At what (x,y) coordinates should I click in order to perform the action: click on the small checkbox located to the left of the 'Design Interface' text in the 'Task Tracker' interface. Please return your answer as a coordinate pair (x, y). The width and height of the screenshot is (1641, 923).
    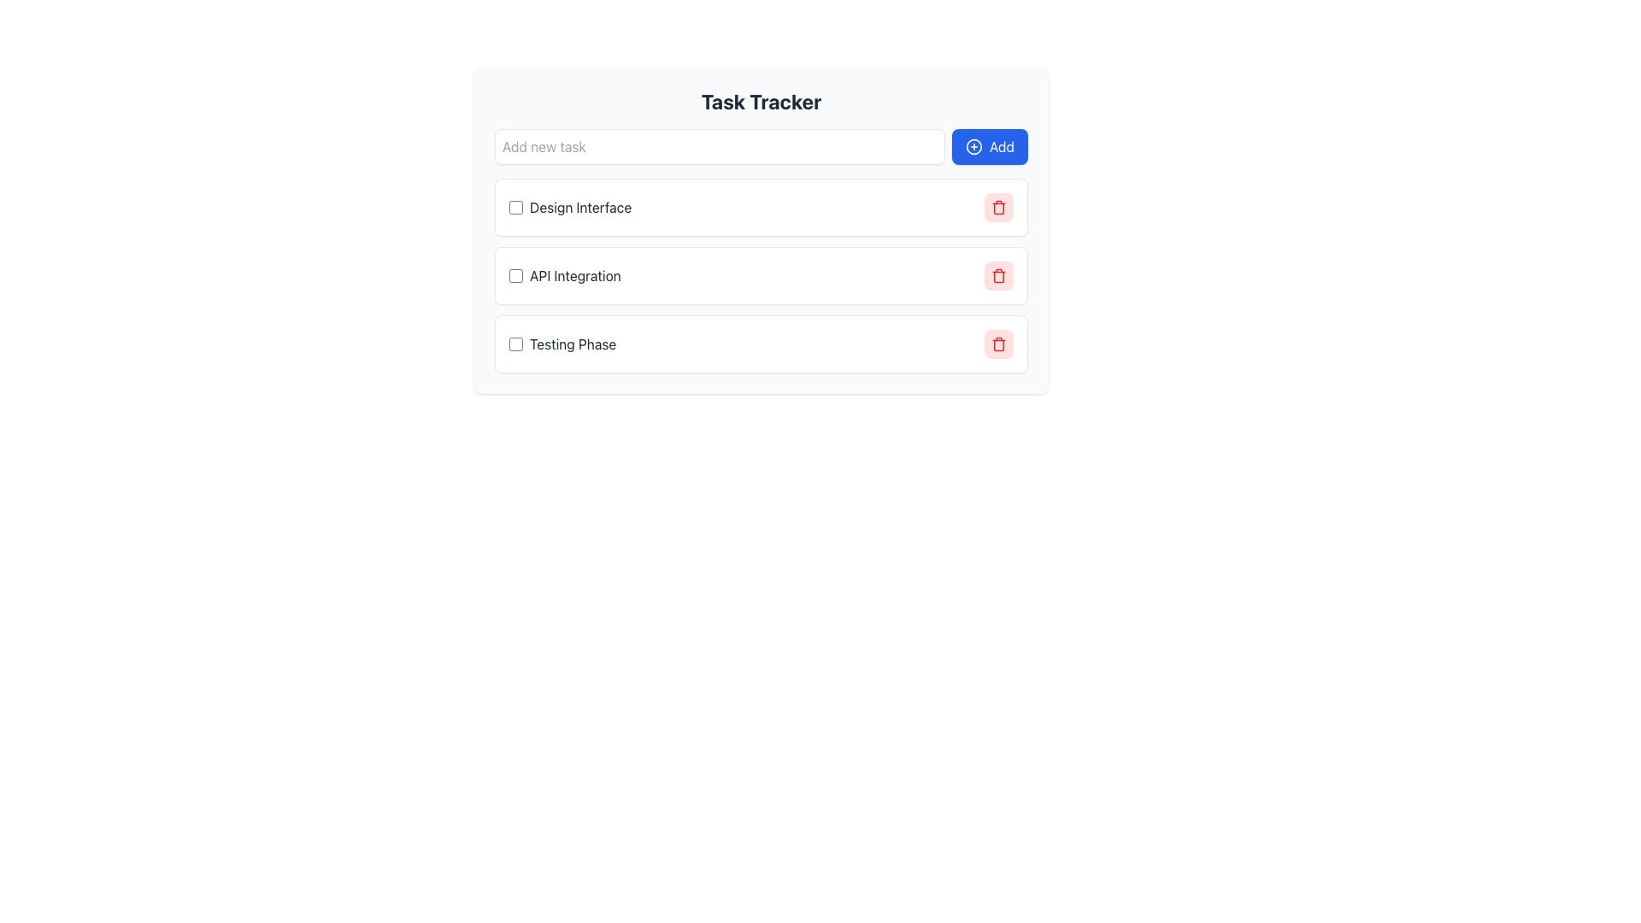
    Looking at the image, I should click on (515, 207).